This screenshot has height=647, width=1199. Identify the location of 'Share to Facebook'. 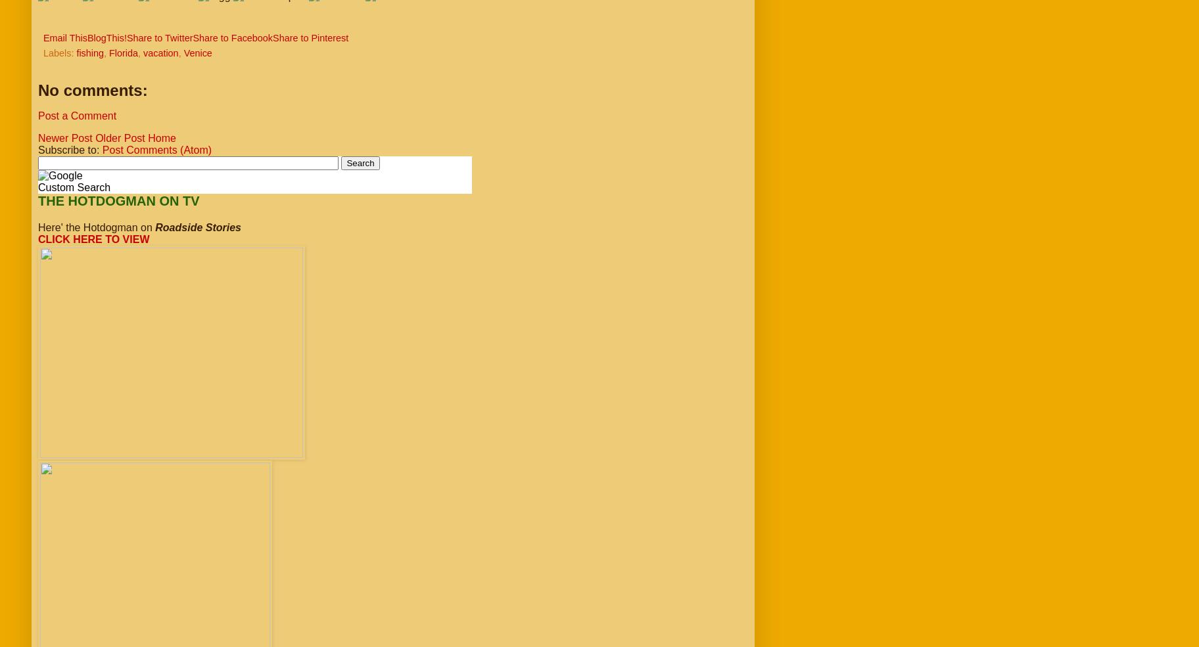
(233, 37).